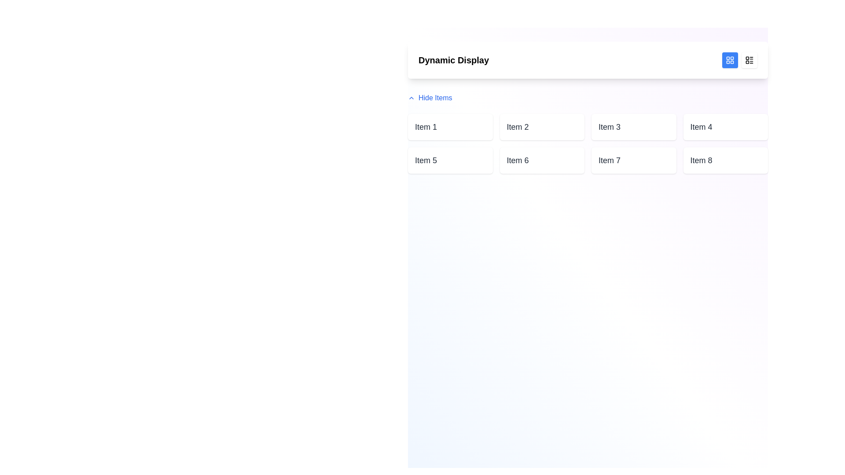 This screenshot has height=475, width=845. What do you see at coordinates (426, 127) in the screenshot?
I see `text displayed by the 'Item 1' text label, which is bold and centrally placed within the first card of a 2x4 grid structure` at bounding box center [426, 127].